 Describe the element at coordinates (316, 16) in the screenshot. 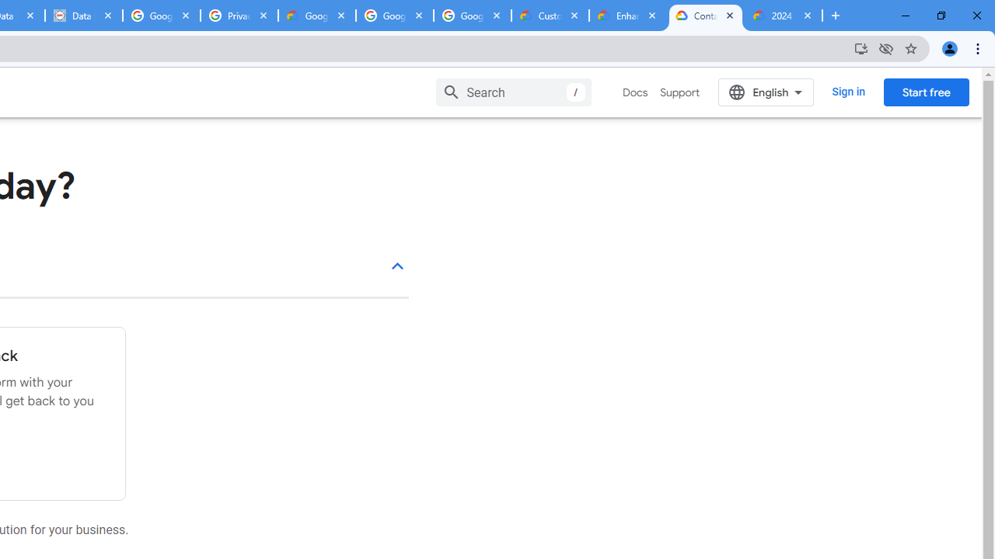

I see `'Google Cloud Terms Directory | Google Cloud'` at that location.